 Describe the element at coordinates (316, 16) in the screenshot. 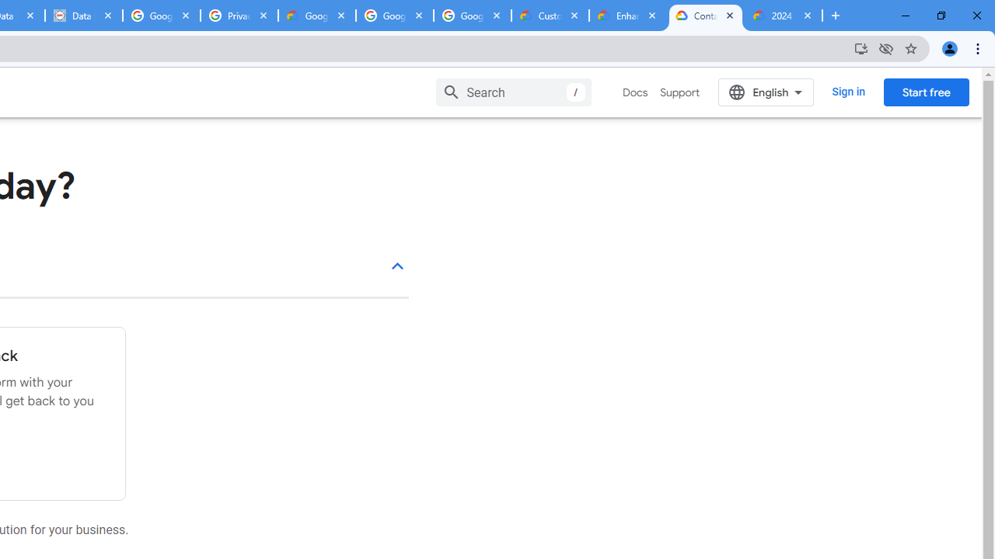

I see `'Google Cloud Terms Directory | Google Cloud'` at that location.